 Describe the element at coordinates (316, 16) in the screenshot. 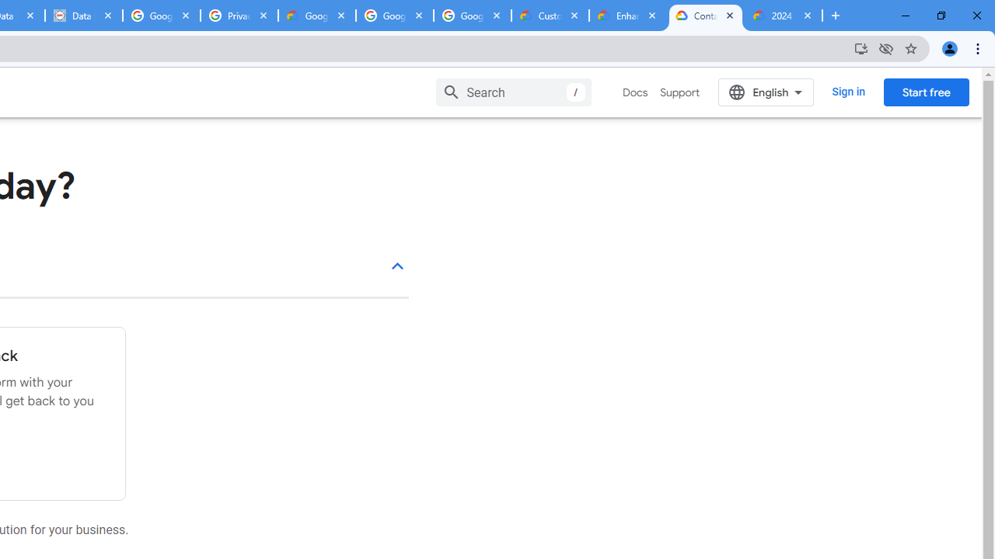

I see `'Google Cloud Terms Directory | Google Cloud'` at that location.